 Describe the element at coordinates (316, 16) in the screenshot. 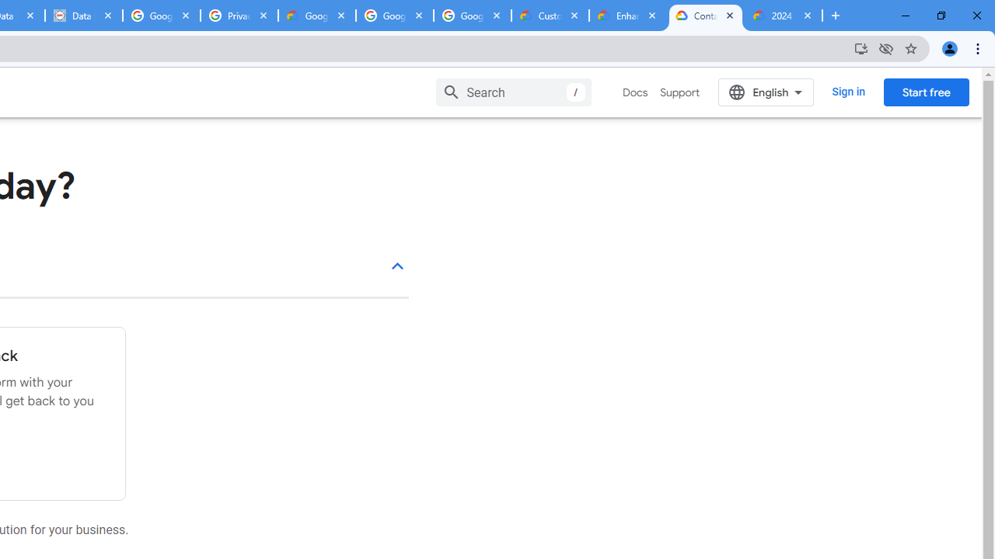

I see `'Google Cloud Terms Directory | Google Cloud'` at that location.